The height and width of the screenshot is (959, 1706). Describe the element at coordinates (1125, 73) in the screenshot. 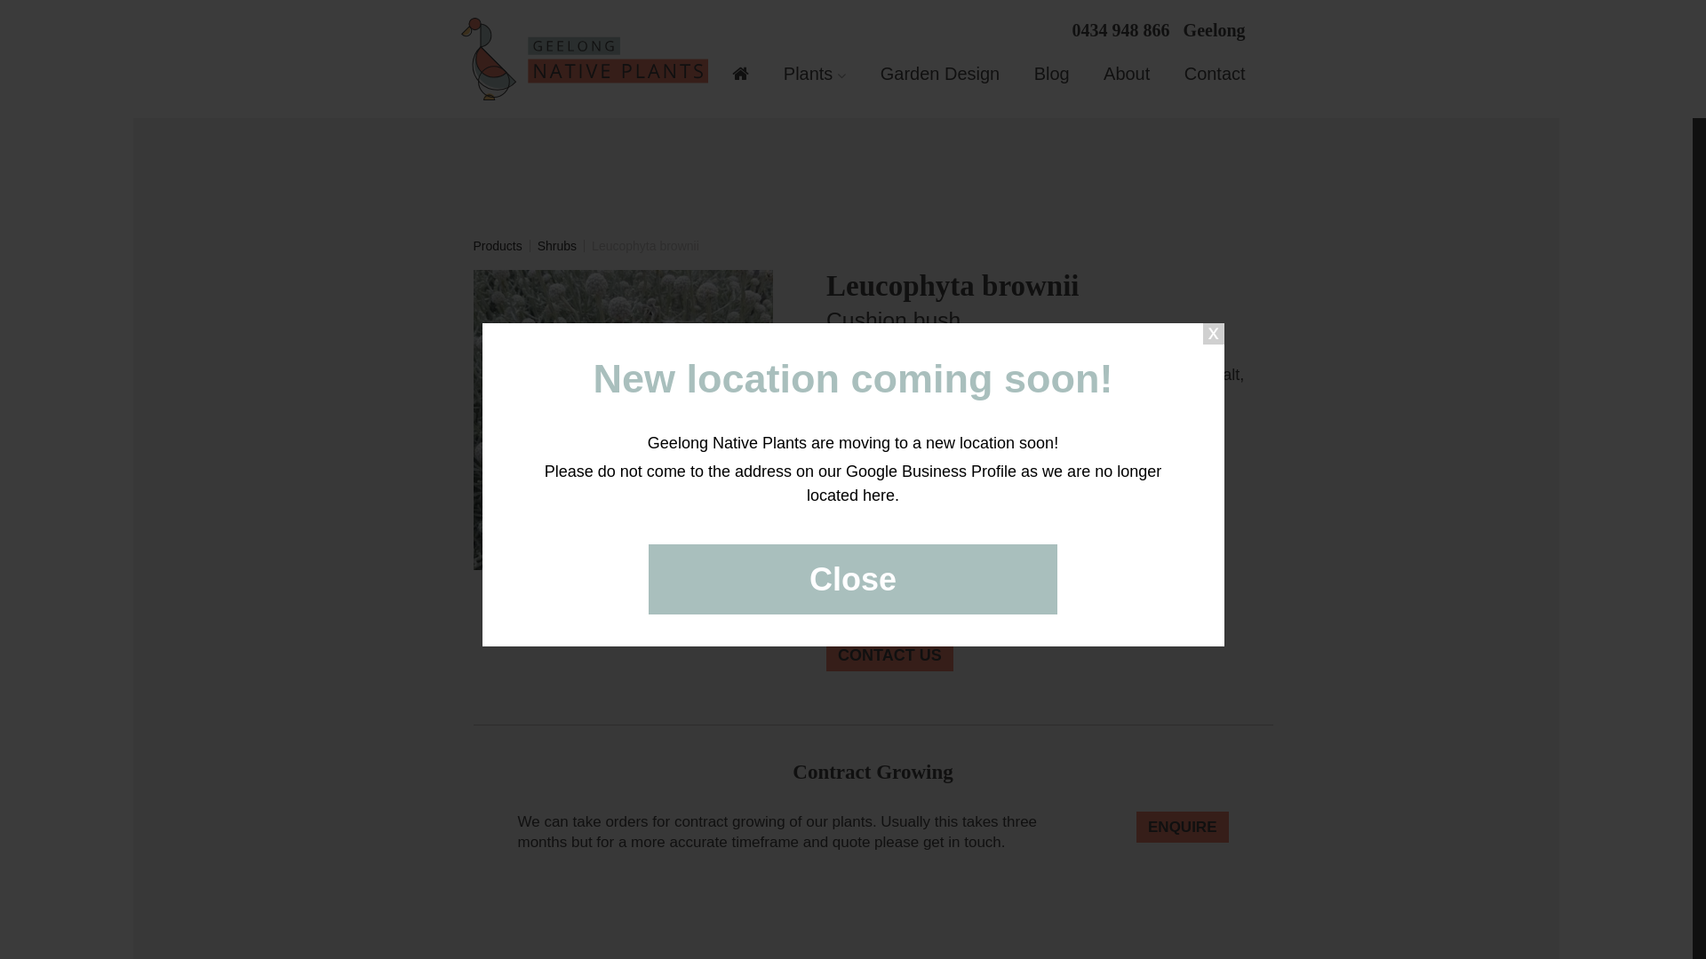

I see `'About'` at that location.